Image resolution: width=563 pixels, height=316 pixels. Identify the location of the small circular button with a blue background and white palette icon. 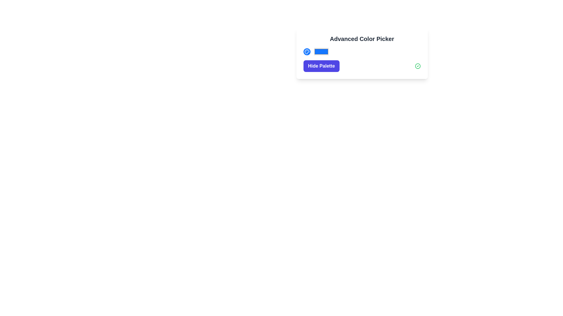
(306, 51).